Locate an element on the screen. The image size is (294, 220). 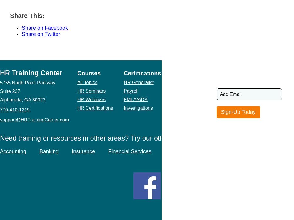
'Real Estate' is located at coordinates (178, 151).